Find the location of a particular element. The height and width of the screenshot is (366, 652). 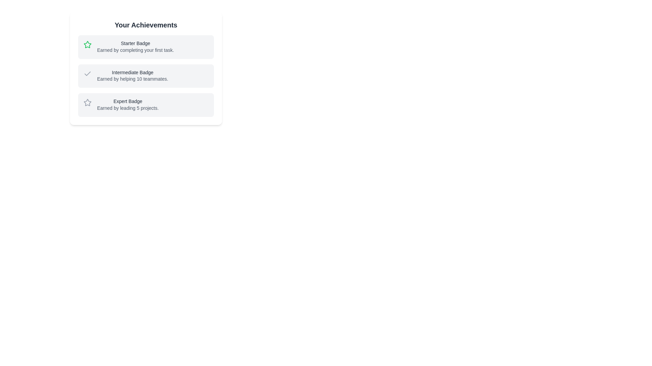

the text label that displays 'Earned by leading 5 projects.' which is styled in a small, gray font and is located under the title 'Expert Badge' is located at coordinates (128, 107).